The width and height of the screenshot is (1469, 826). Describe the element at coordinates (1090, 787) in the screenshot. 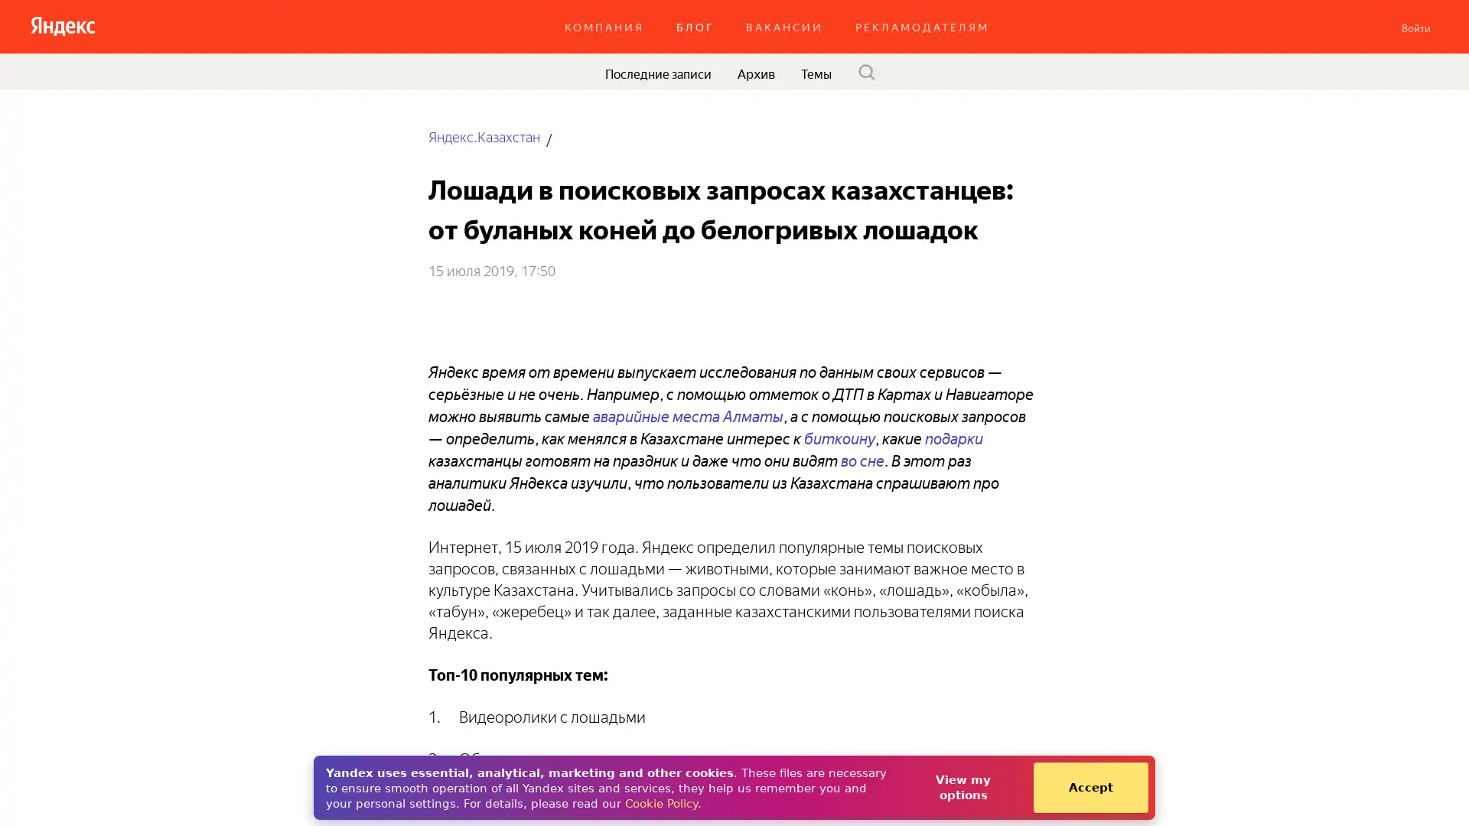

I see `Accept` at that location.